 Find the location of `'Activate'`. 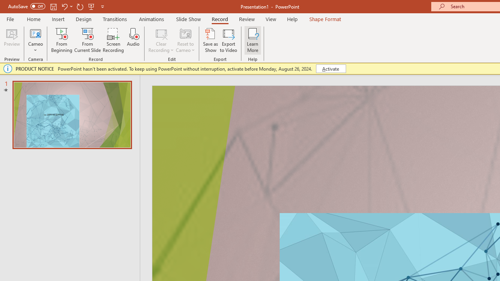

'Activate' is located at coordinates (331, 68).